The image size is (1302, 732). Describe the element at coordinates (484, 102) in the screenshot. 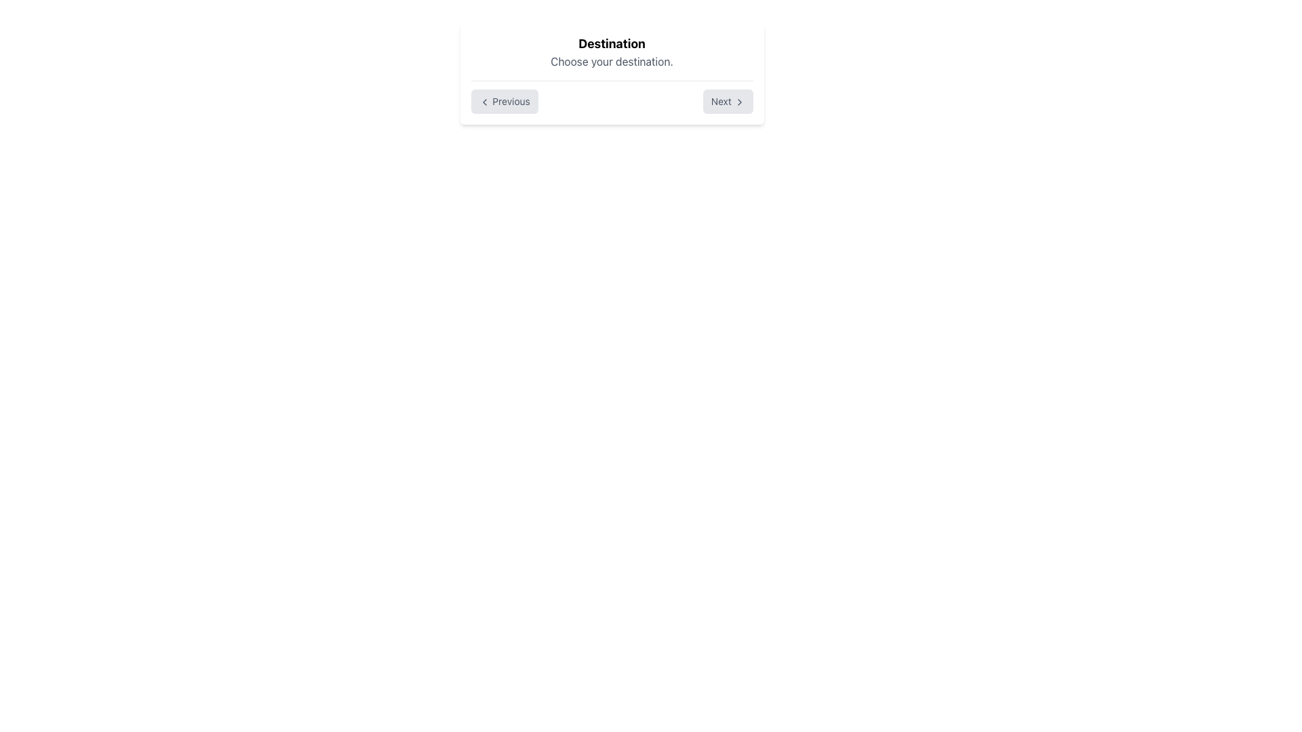

I see `the left-pointing chevron icon inside the 'Previous' button, adjacent to the label 'Previous'` at that location.